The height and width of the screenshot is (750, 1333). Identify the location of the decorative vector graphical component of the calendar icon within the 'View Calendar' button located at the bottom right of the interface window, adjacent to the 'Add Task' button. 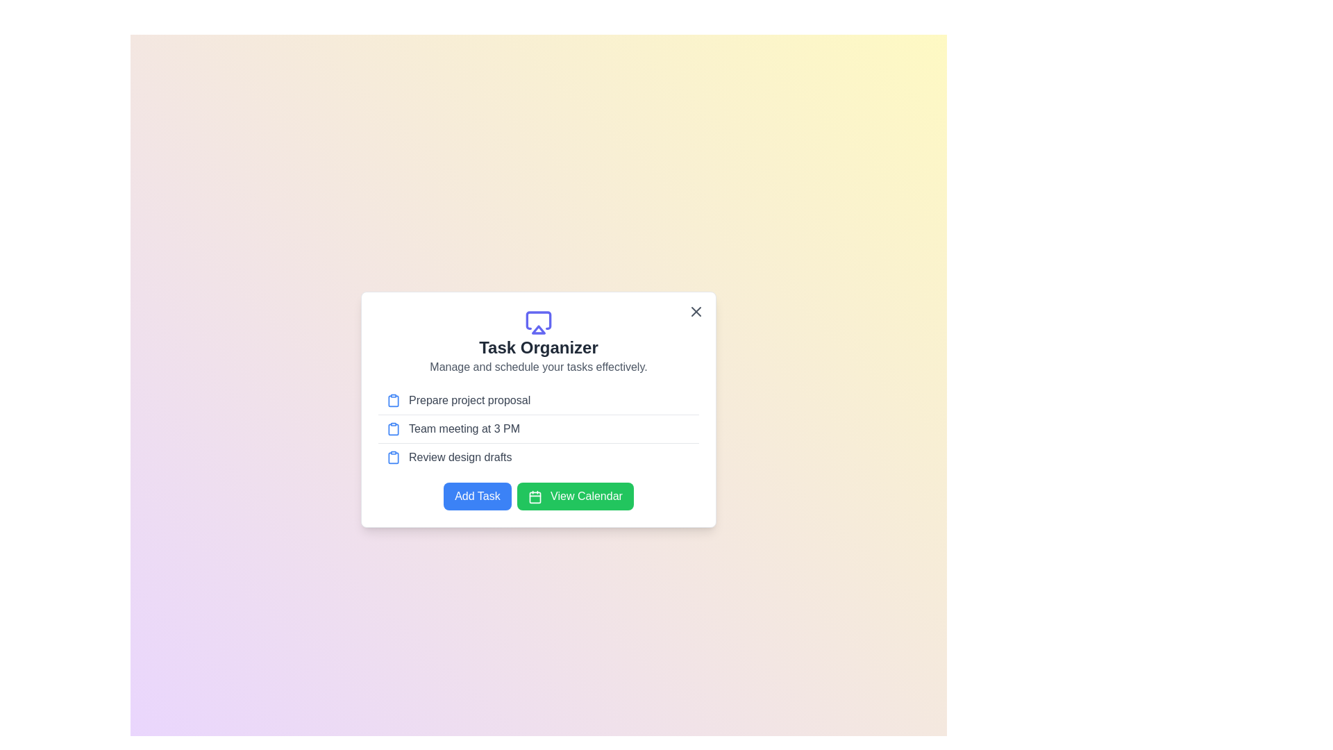
(534, 497).